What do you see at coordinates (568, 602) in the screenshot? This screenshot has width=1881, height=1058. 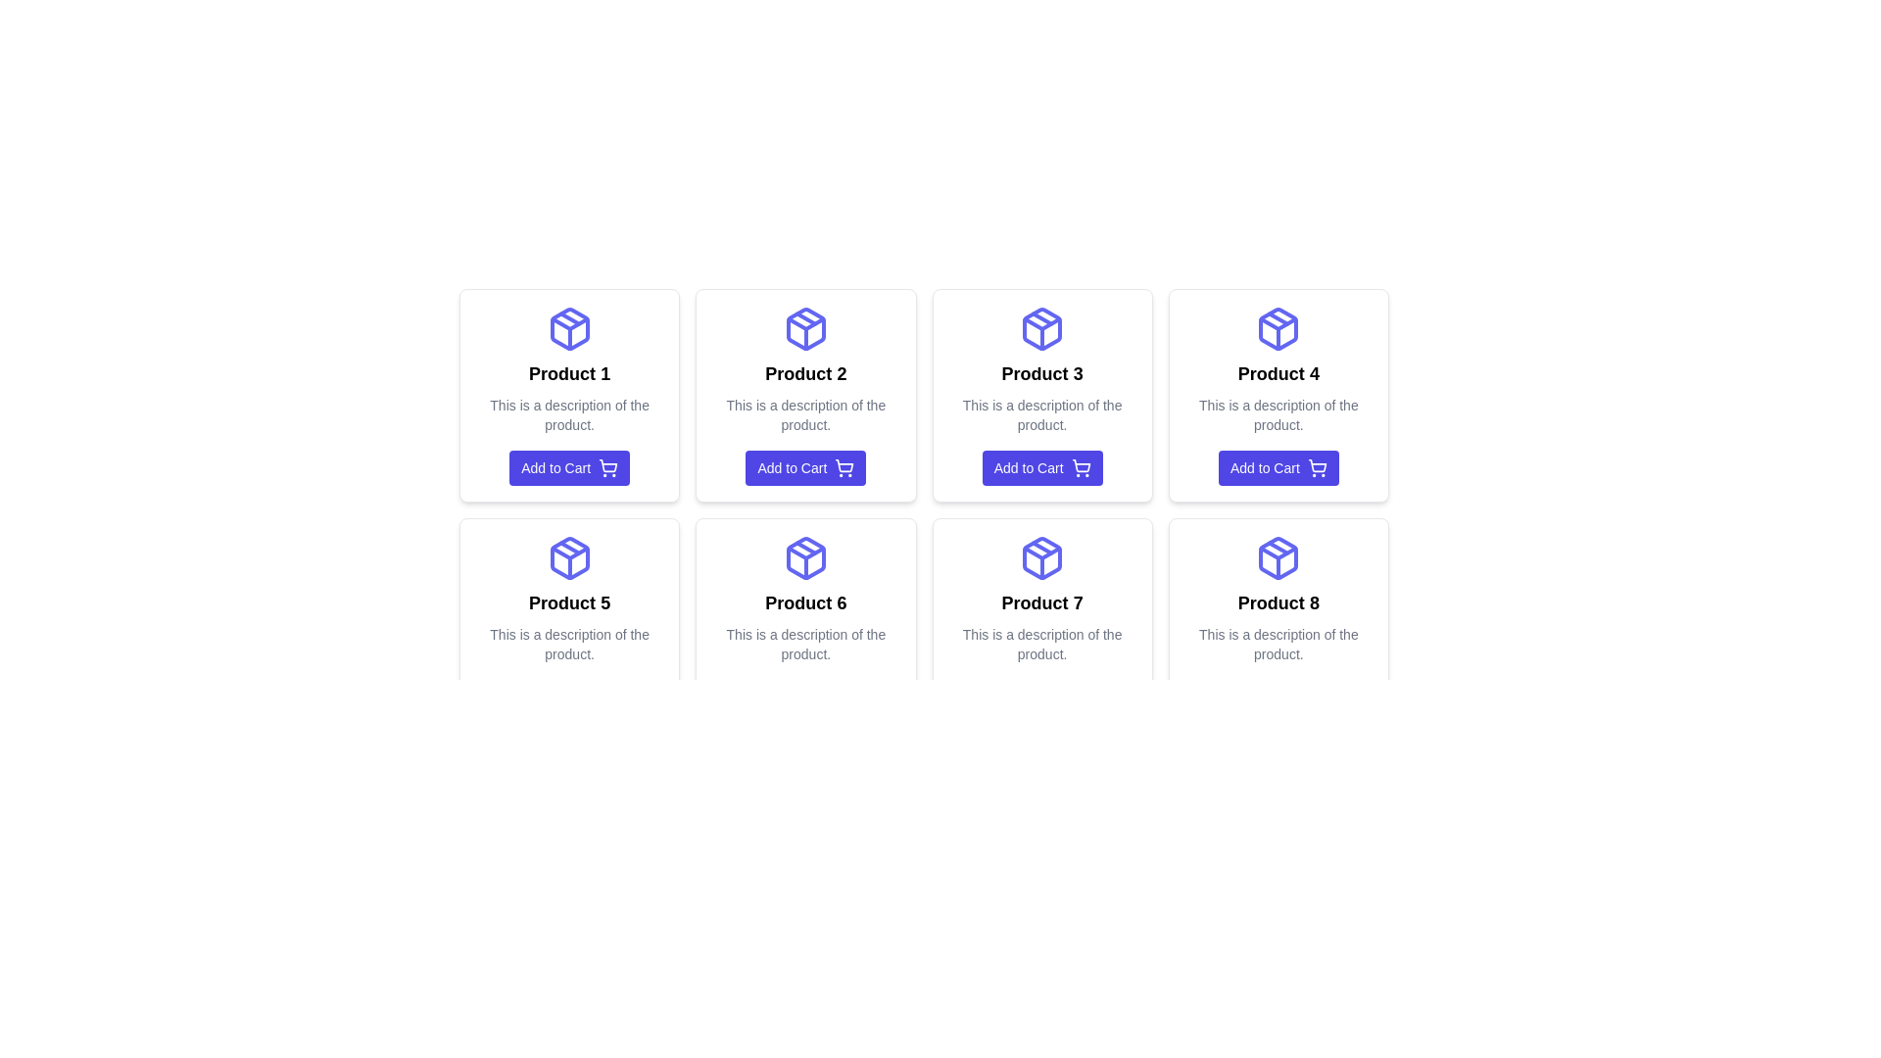 I see `text displayed in the title or name of the product in the first card of the second row of the grid layout, which is located above the product description` at bounding box center [568, 602].